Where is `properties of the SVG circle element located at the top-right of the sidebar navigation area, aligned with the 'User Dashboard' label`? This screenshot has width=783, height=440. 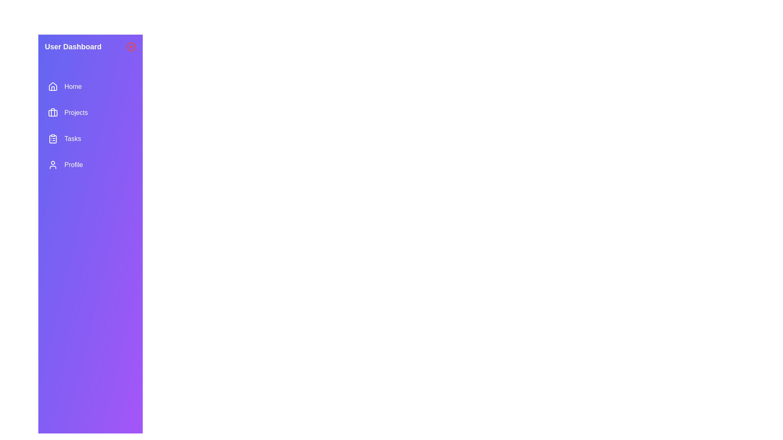 properties of the SVG circle element located at the top-right of the sidebar navigation area, aligned with the 'User Dashboard' label is located at coordinates (131, 47).